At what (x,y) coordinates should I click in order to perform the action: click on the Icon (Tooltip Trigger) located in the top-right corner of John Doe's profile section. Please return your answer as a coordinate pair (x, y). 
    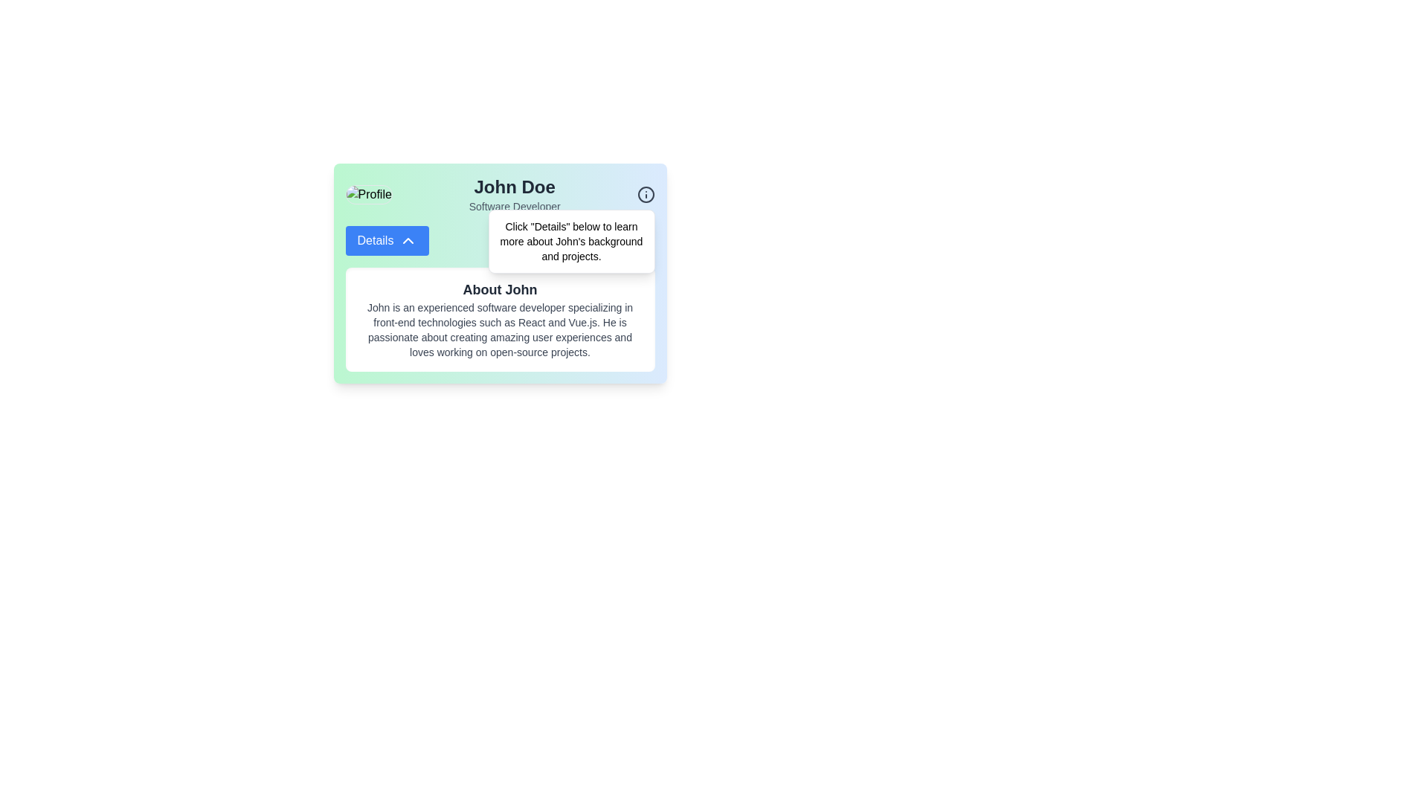
    Looking at the image, I should click on (646, 194).